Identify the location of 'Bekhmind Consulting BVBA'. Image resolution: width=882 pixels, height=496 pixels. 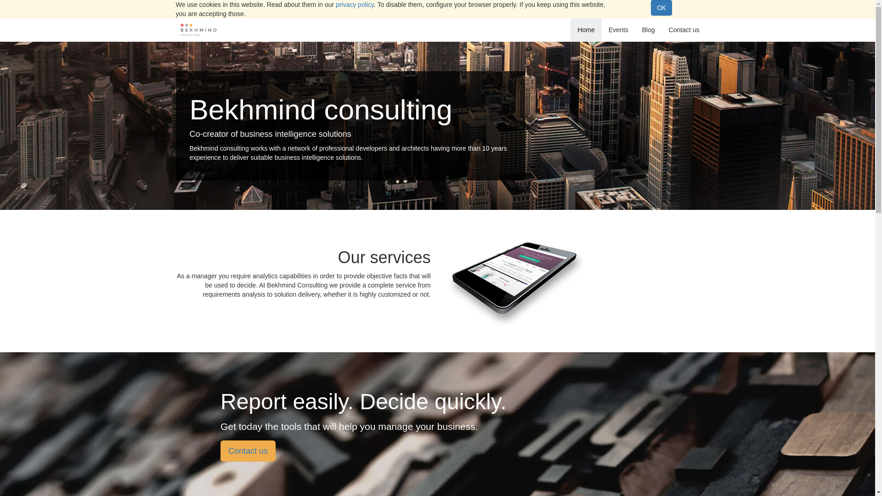
(198, 29).